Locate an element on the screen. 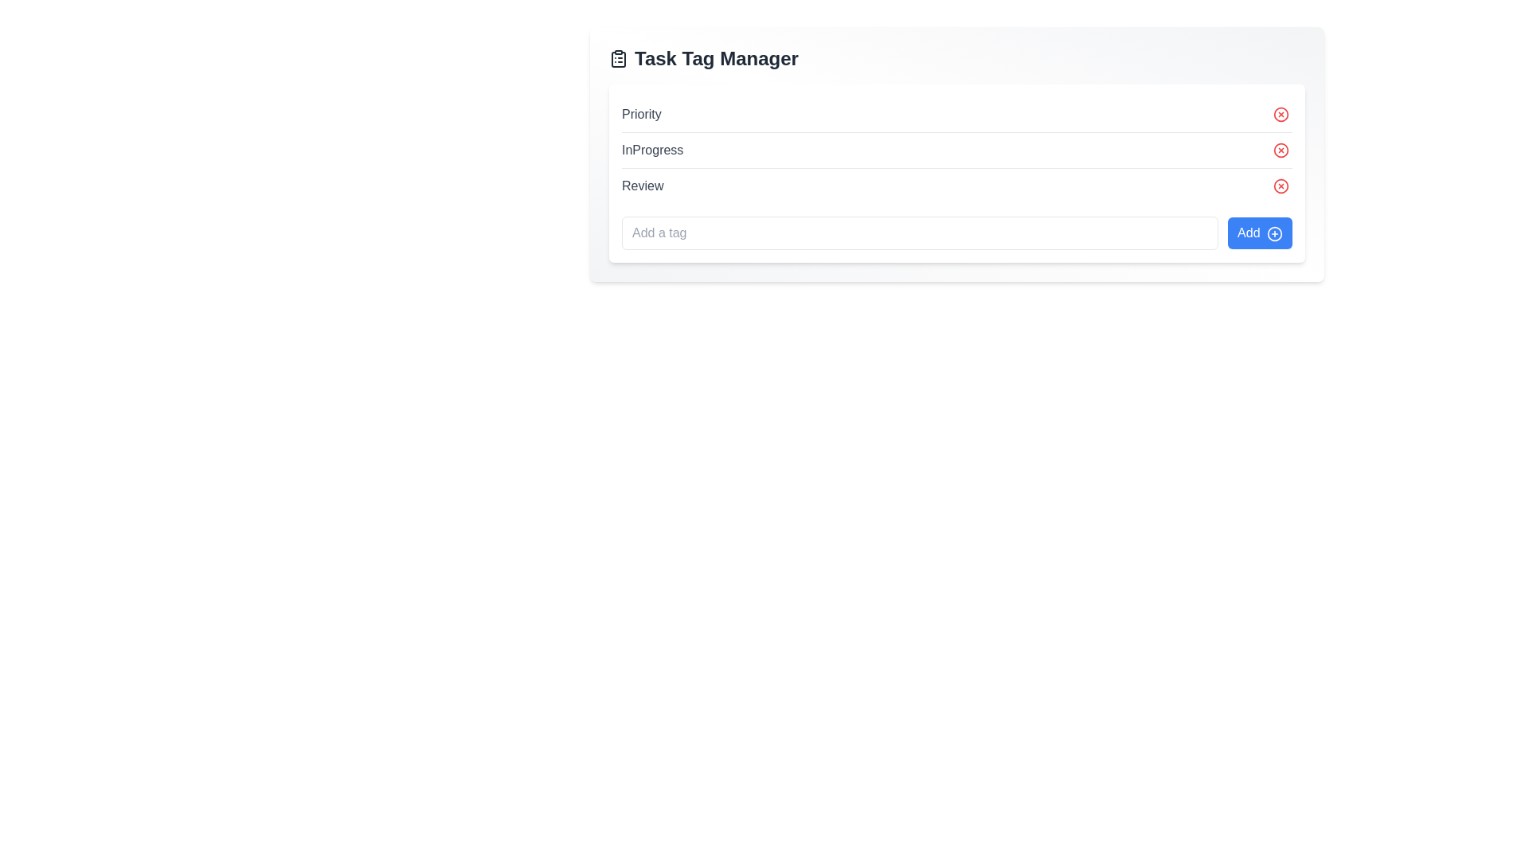  the text label displaying 'InProgress' which is located beneath 'Priority' and above 'Review' in a vertical list of labels is located at coordinates (652, 150).